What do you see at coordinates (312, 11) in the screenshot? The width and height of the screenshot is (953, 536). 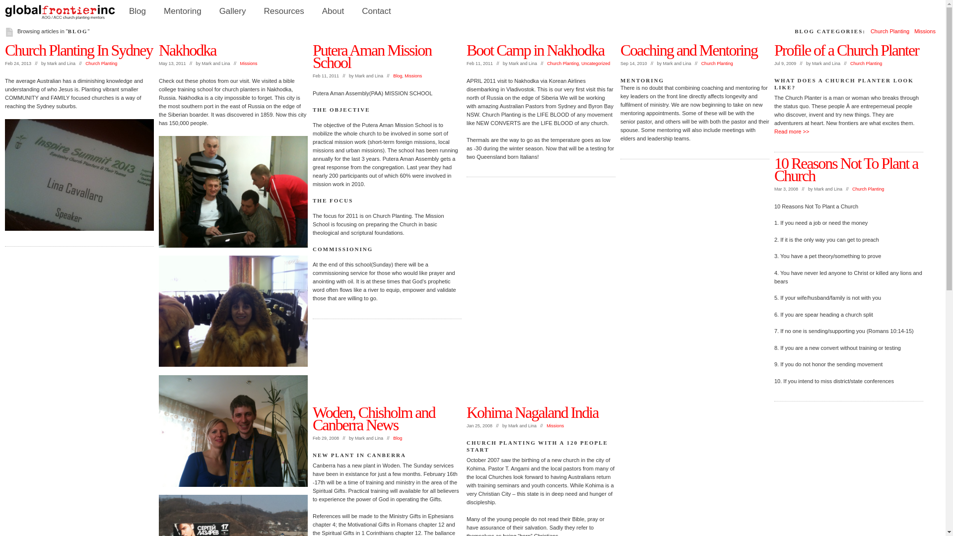 I see `'About'` at bounding box center [312, 11].